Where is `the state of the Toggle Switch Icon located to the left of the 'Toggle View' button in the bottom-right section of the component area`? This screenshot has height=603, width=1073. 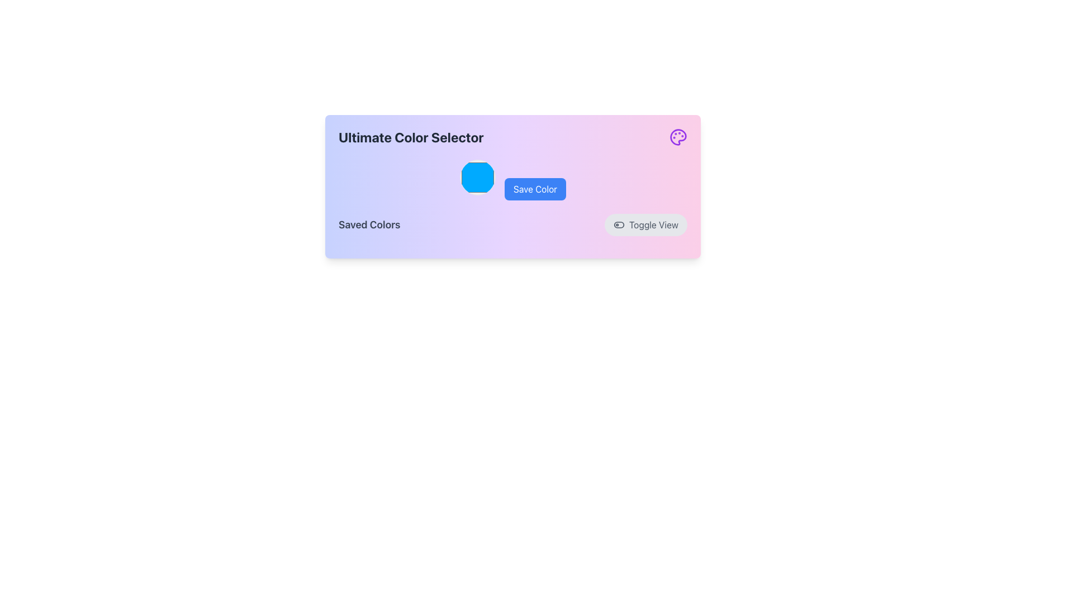
the state of the Toggle Switch Icon located to the left of the 'Toggle View' button in the bottom-right section of the component area is located at coordinates (619, 224).